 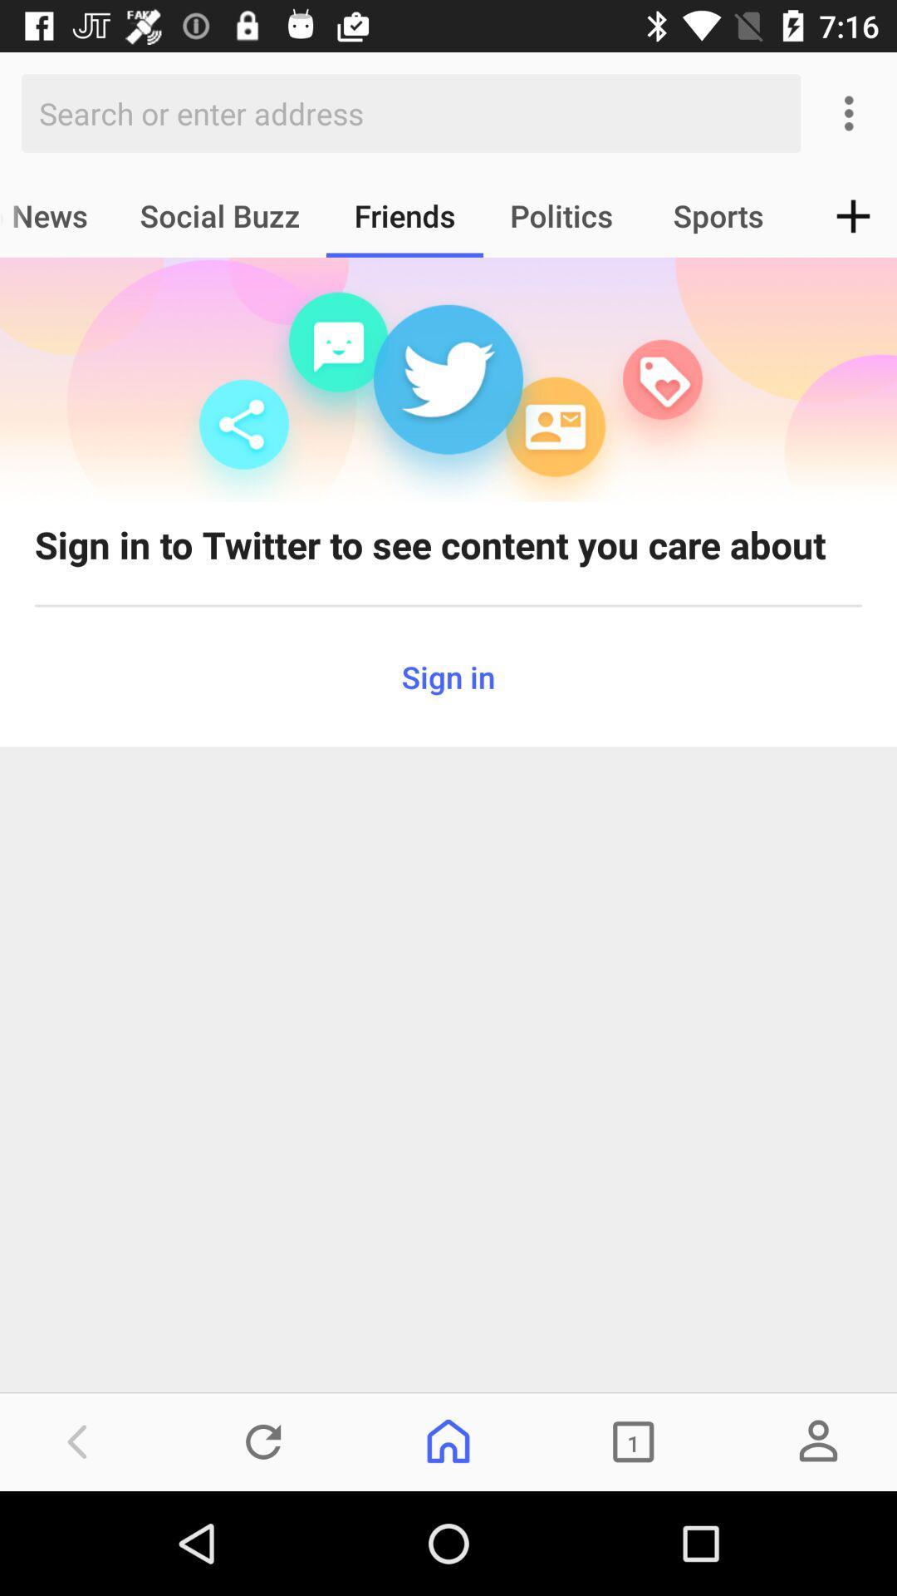 What do you see at coordinates (448, 1441) in the screenshot?
I see `the home icon` at bounding box center [448, 1441].